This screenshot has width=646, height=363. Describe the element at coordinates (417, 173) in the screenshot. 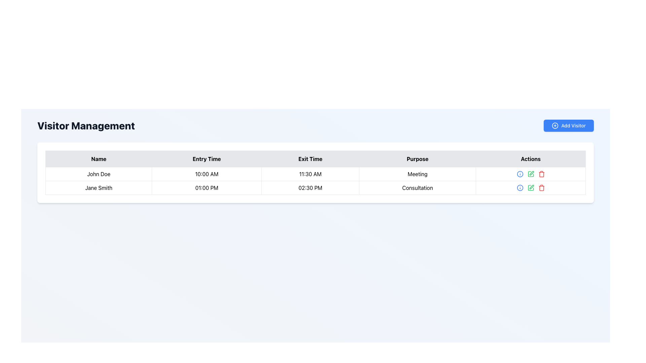

I see `the text element displaying 'Meeting' which is located in the 'Purpose' column of the table, aligned to the right of 'Exit Time' ('11:30 AM') and left of action icons` at that location.